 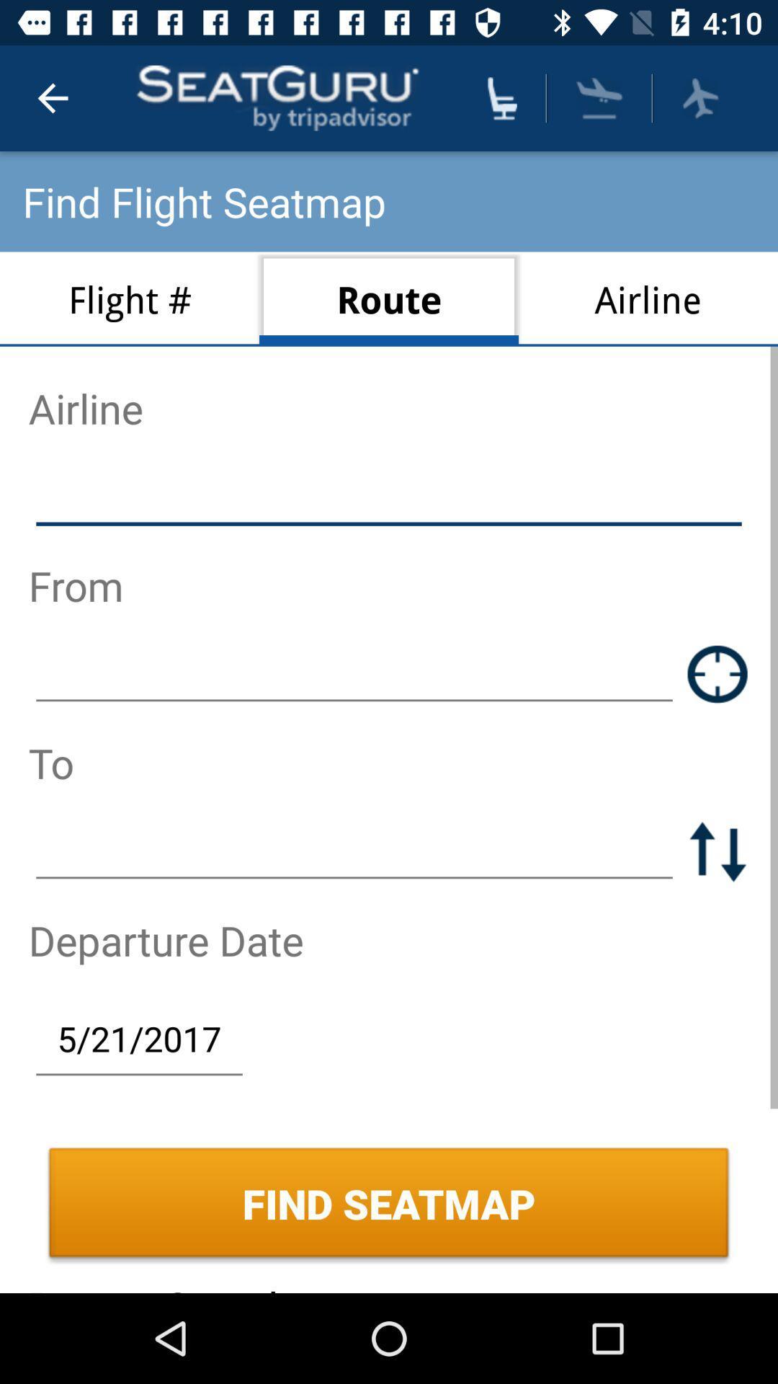 What do you see at coordinates (501, 97) in the screenshot?
I see `the icon above route icon` at bounding box center [501, 97].